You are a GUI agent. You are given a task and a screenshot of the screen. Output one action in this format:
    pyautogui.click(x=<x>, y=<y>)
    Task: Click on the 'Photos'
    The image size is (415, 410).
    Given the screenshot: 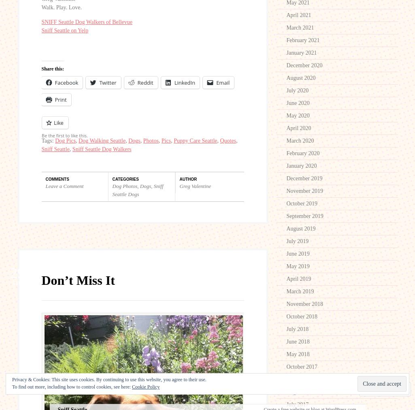 What is the action you would take?
    pyautogui.click(x=150, y=140)
    